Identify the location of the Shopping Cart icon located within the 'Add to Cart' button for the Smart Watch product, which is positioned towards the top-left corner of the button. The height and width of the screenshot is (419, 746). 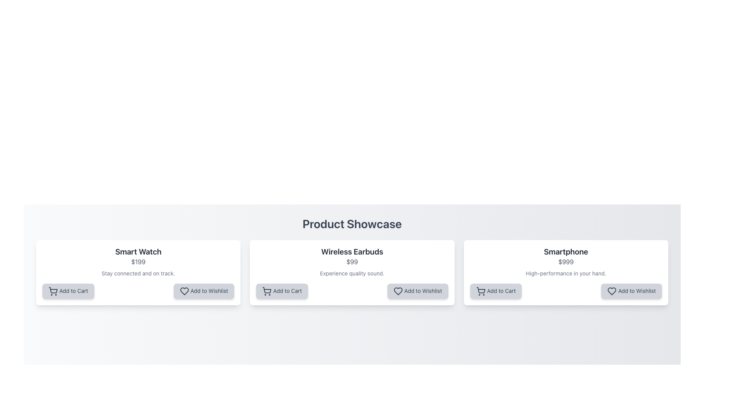
(53, 290).